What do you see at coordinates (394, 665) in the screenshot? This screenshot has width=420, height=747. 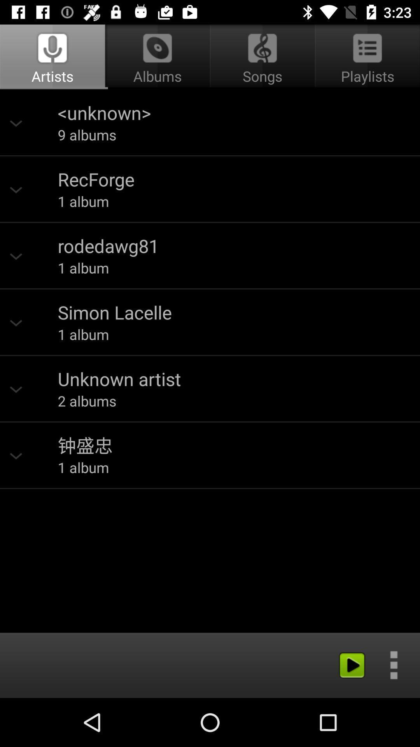 I see `the more icon` at bounding box center [394, 665].